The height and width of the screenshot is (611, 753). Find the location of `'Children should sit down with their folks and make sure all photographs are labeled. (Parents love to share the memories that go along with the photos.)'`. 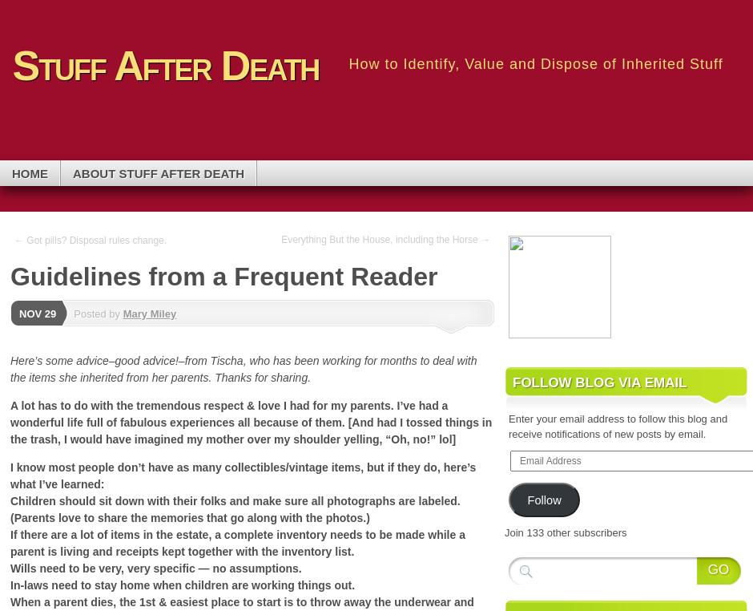

'Children should sit down with their folks and make sure all photographs are labeled. (Parents love to share the memories that go along with the photos.)' is located at coordinates (234, 508).